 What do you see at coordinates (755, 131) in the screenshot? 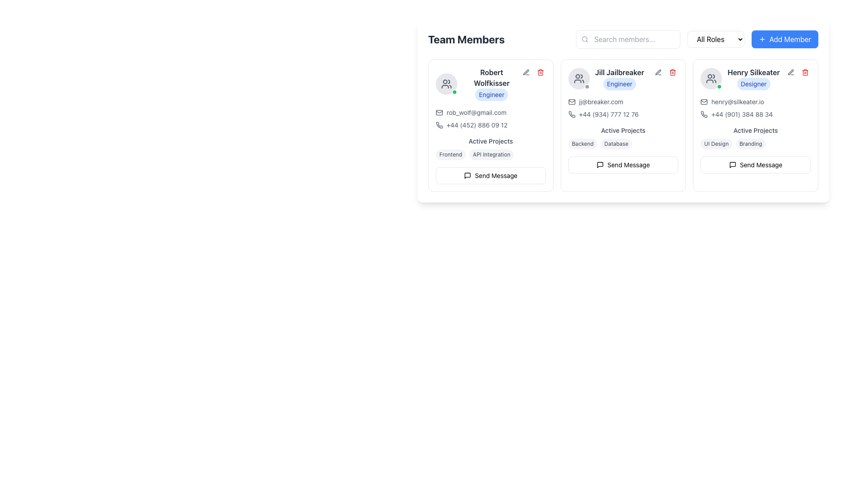
I see `the 'Active Projects' text label in the profile card of 'Henry Silkeater', which is displayed in gray color above the tags 'UI Design' and 'Branding'` at bounding box center [755, 131].